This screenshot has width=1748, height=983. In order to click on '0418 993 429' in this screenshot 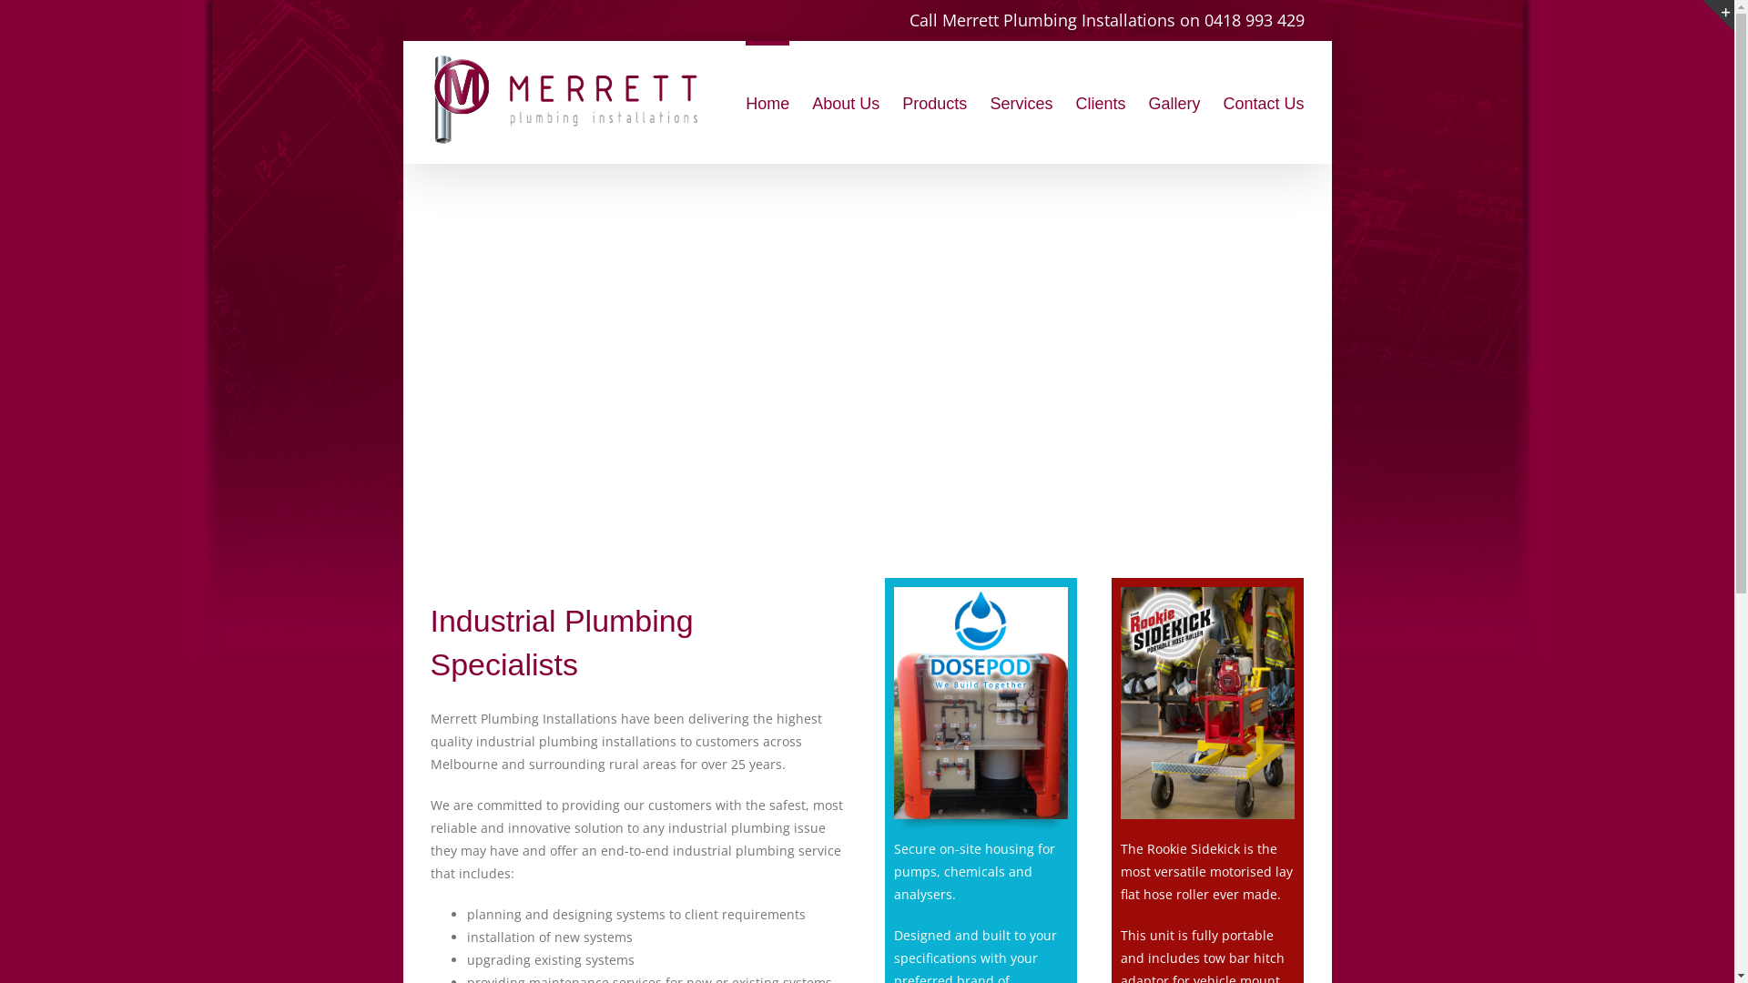, I will do `click(1203, 20)`.